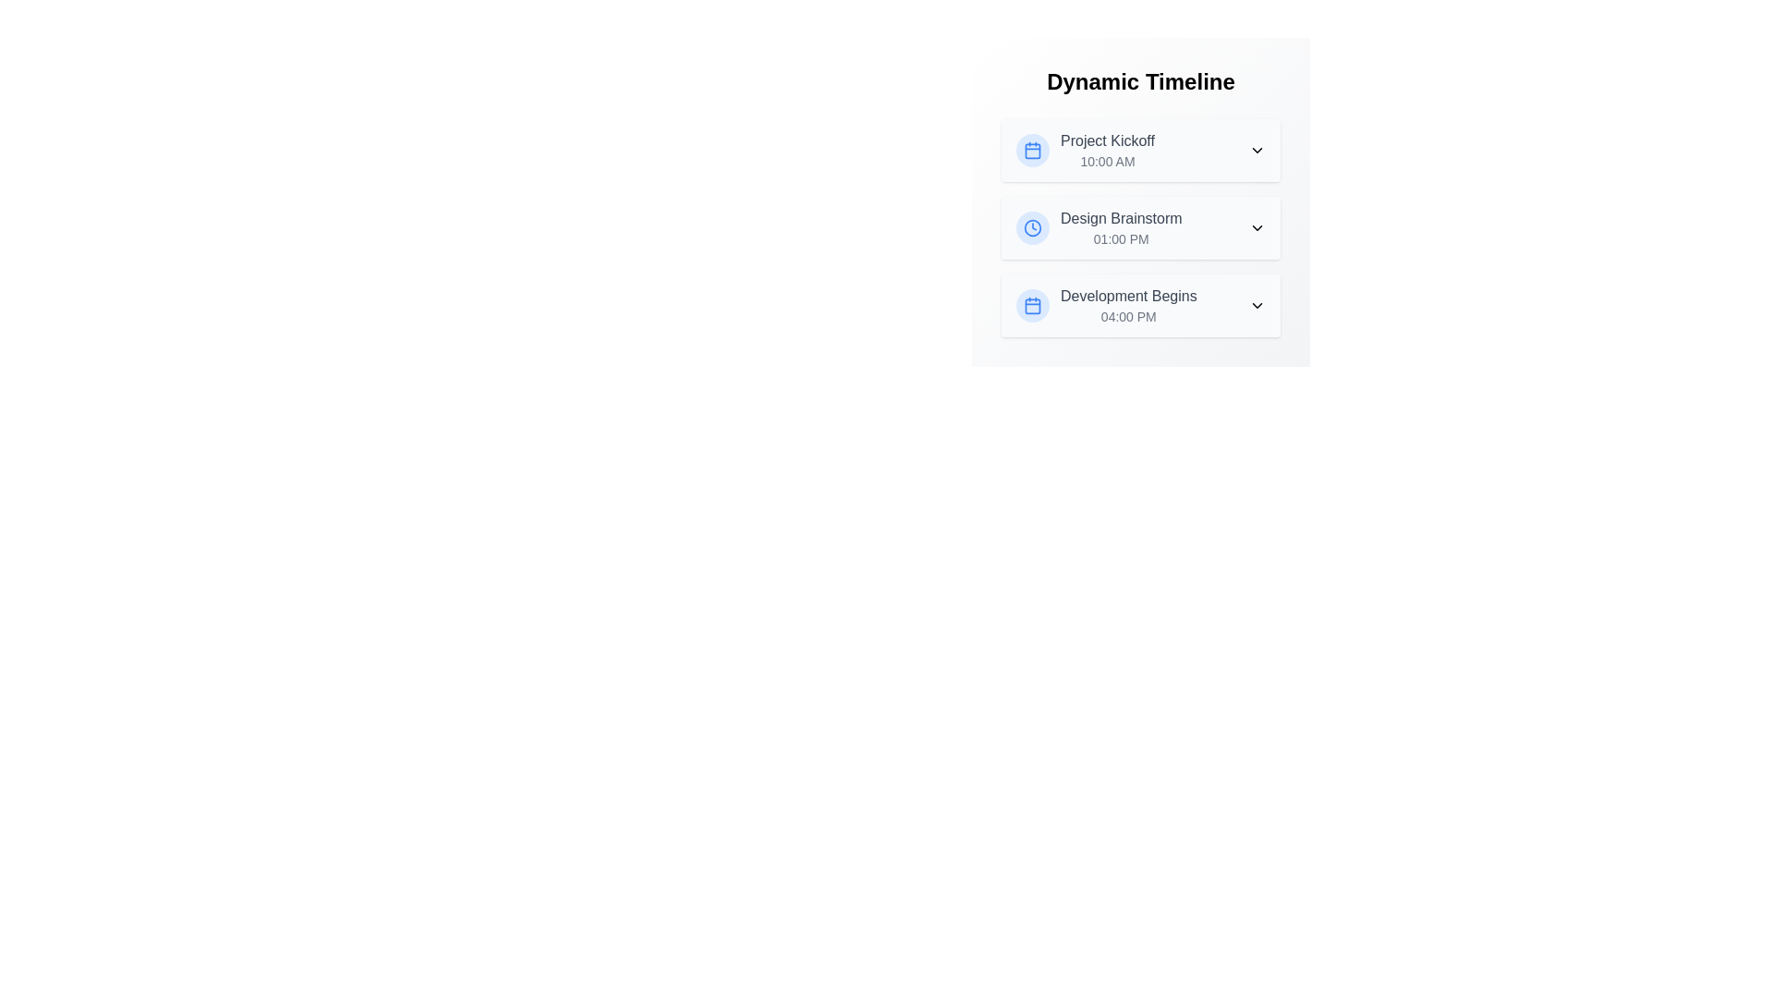 The width and height of the screenshot is (1774, 998). What do you see at coordinates (1139, 226) in the screenshot?
I see `the text of the scheduled event titled 'Design Brainstorm' happening at '01:00 PM' displayed in the second item of the vertical list under the heading 'Dynamic Timeline'` at bounding box center [1139, 226].